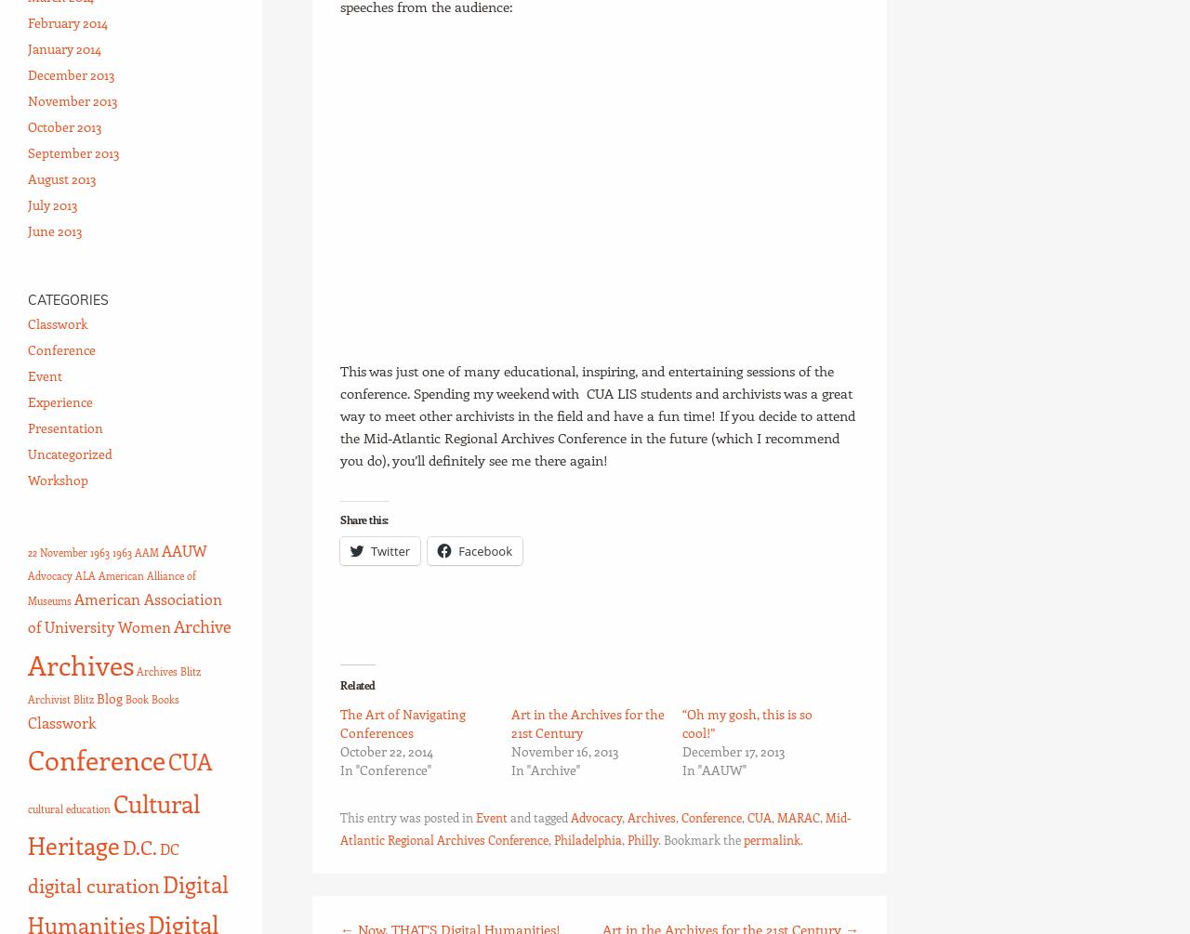 This screenshot has height=934, width=1190. I want to click on 'Categories', so click(68, 299).